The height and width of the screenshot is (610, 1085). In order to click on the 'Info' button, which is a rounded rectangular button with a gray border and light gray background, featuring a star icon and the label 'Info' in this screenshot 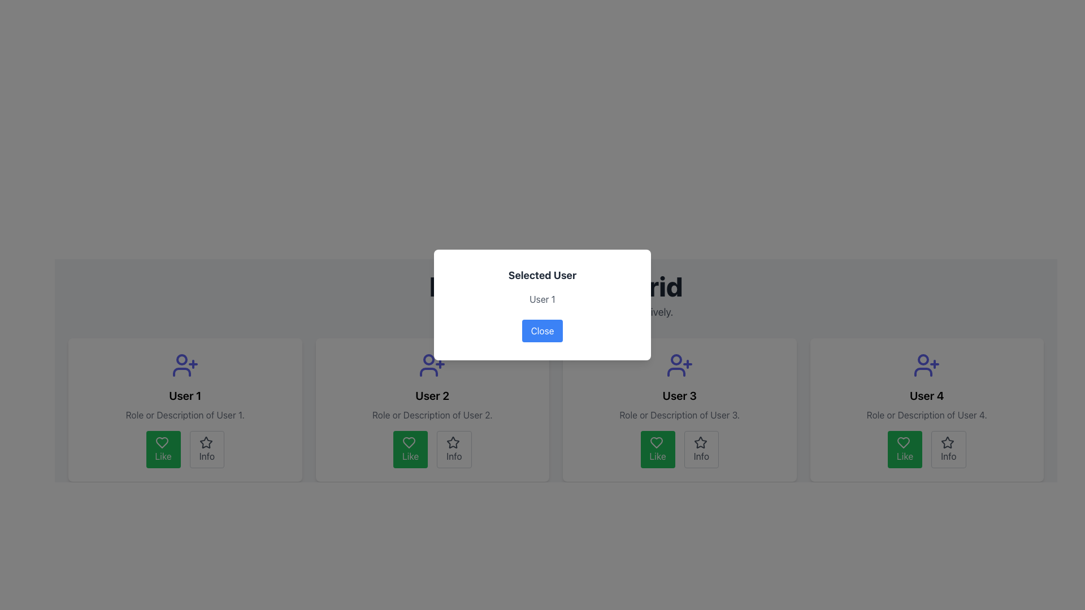, I will do `click(454, 448)`.